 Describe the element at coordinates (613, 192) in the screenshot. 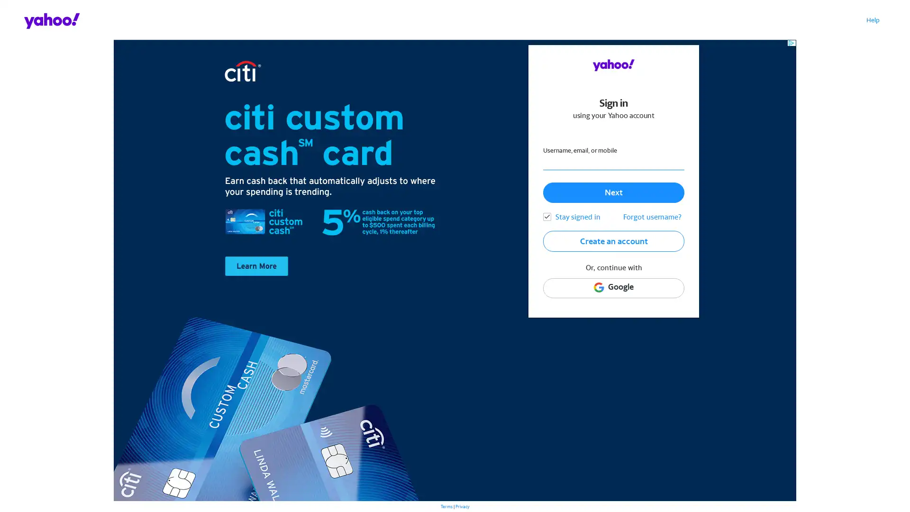

I see `Next` at that location.